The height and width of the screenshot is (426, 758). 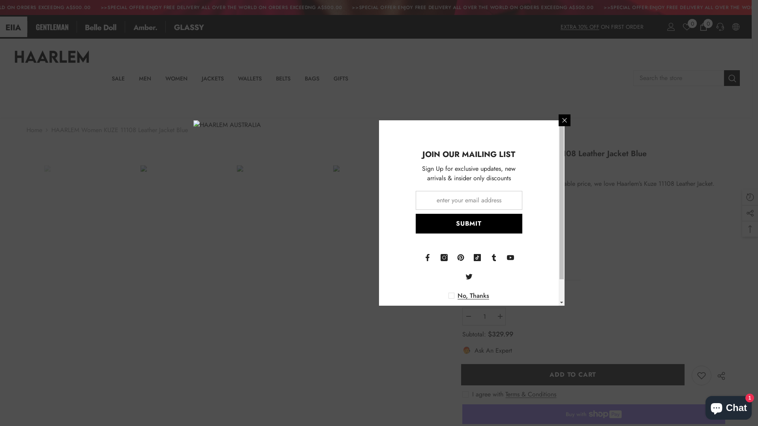 I want to click on 'Cart, so click(x=703, y=26).